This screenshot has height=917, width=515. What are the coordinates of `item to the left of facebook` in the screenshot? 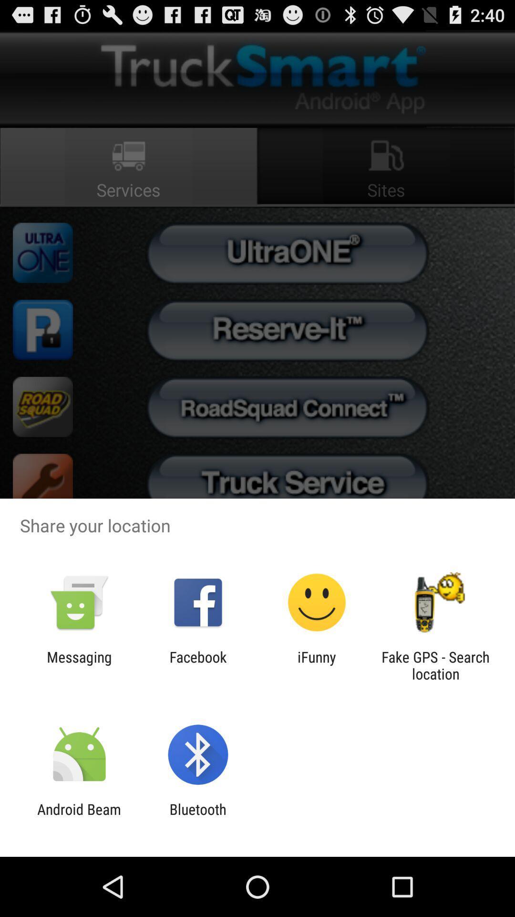 It's located at (79, 665).